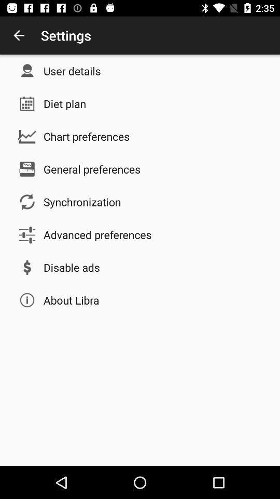  What do you see at coordinates (71, 267) in the screenshot?
I see `disable ads` at bounding box center [71, 267].